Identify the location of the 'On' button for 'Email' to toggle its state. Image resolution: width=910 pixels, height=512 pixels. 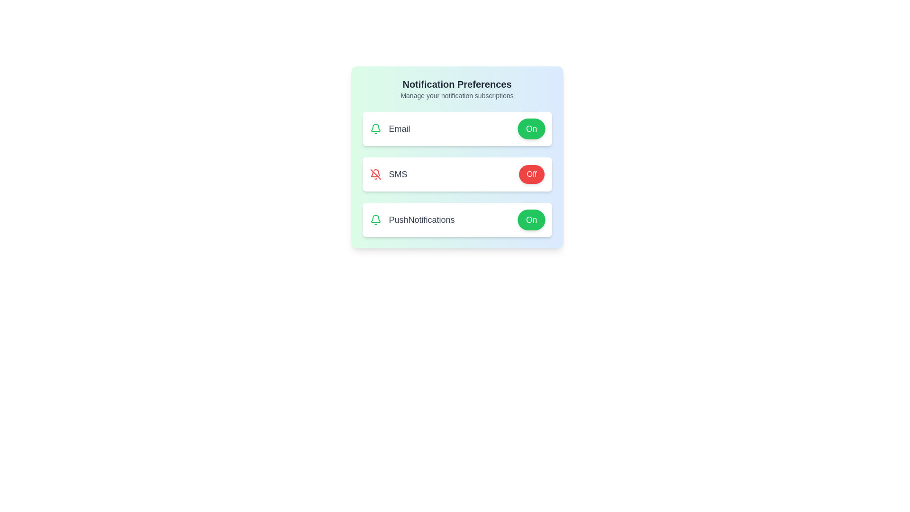
(531, 129).